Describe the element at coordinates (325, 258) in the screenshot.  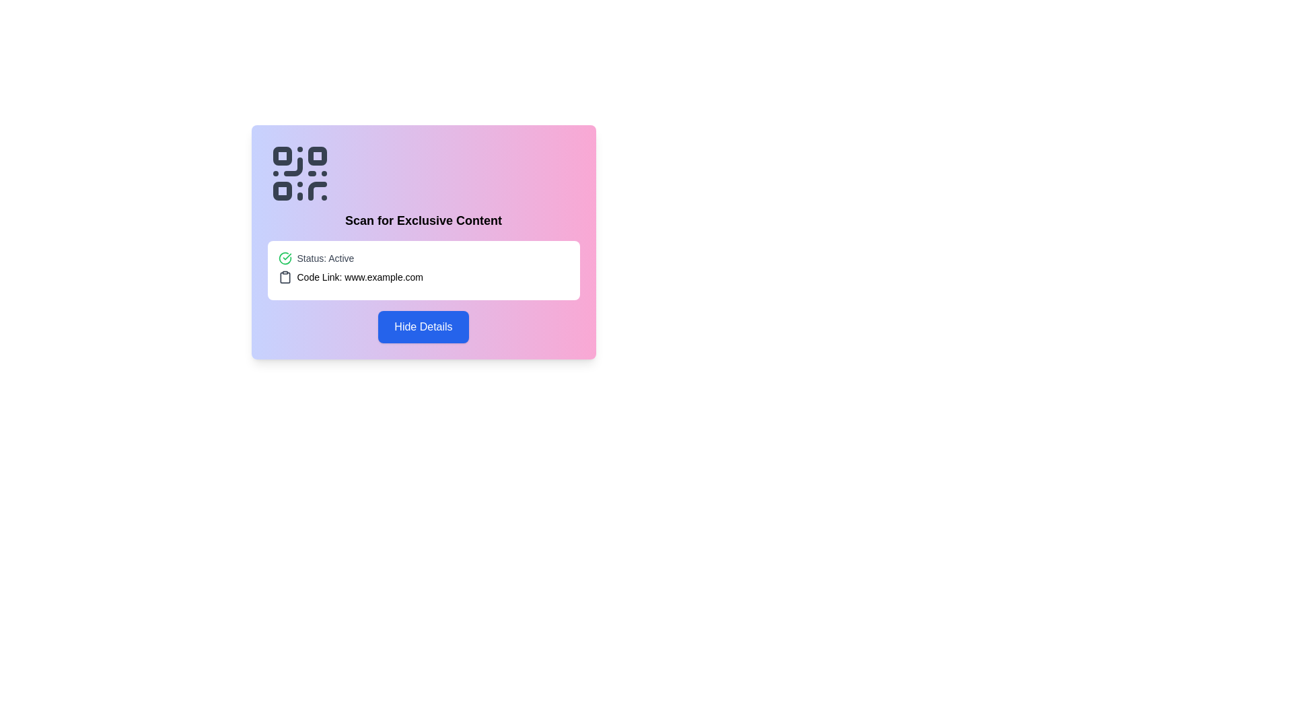
I see `the text label displaying 'Status: Active' which is in a small-sized gray font and located to the right of a green checkmark icon` at that location.